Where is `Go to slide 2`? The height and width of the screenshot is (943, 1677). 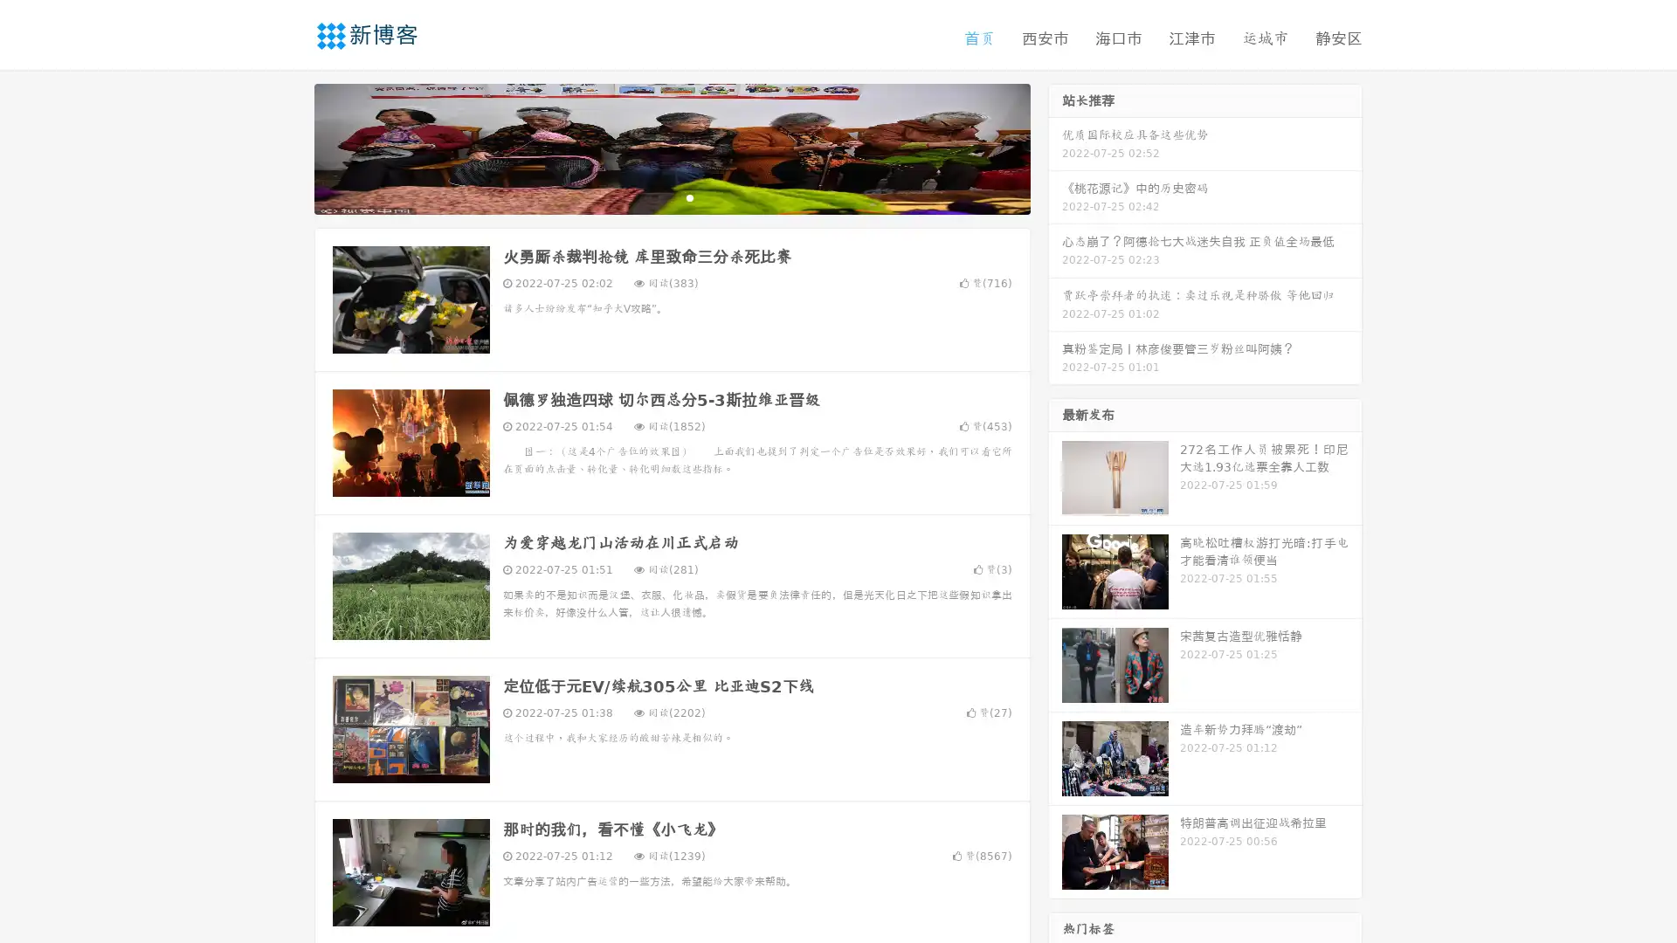 Go to slide 2 is located at coordinates (671, 196).